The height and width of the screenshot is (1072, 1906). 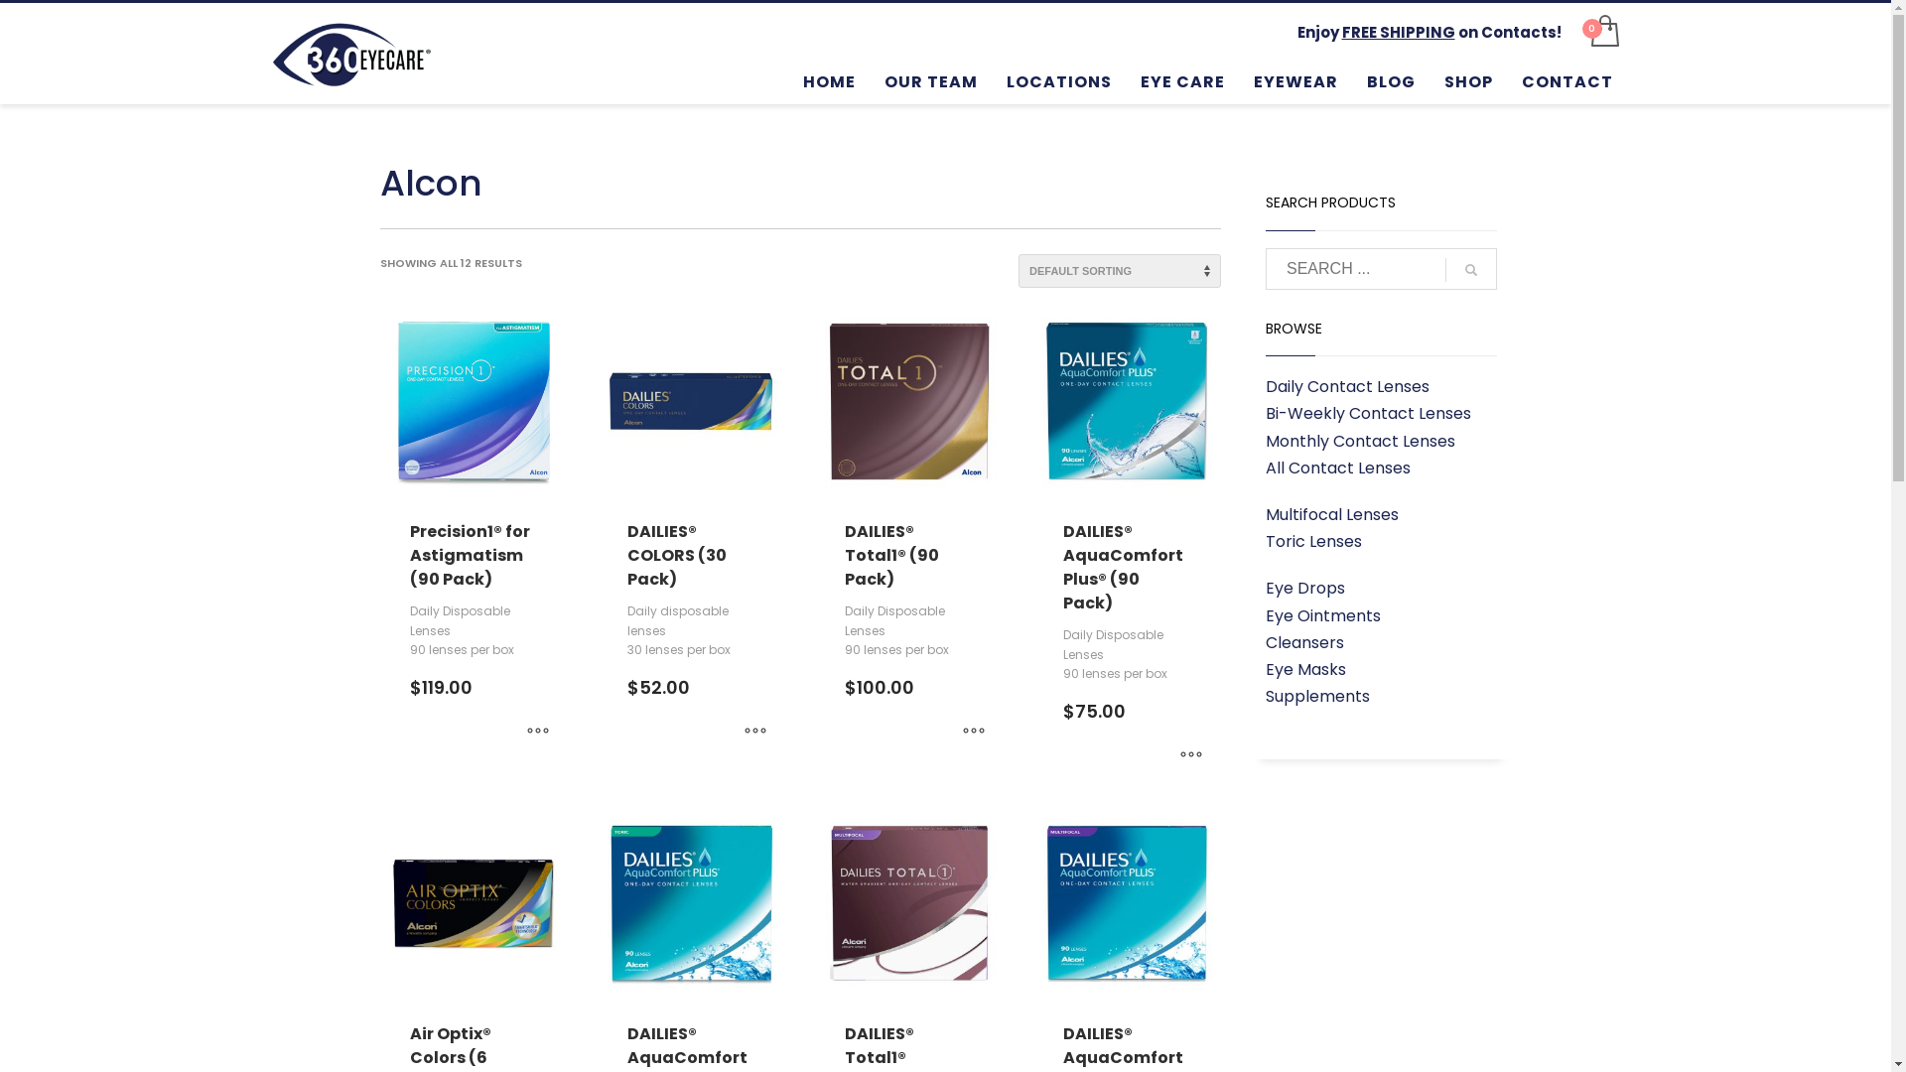 I want to click on 'Monthly Contact Lenses', so click(x=1265, y=440).